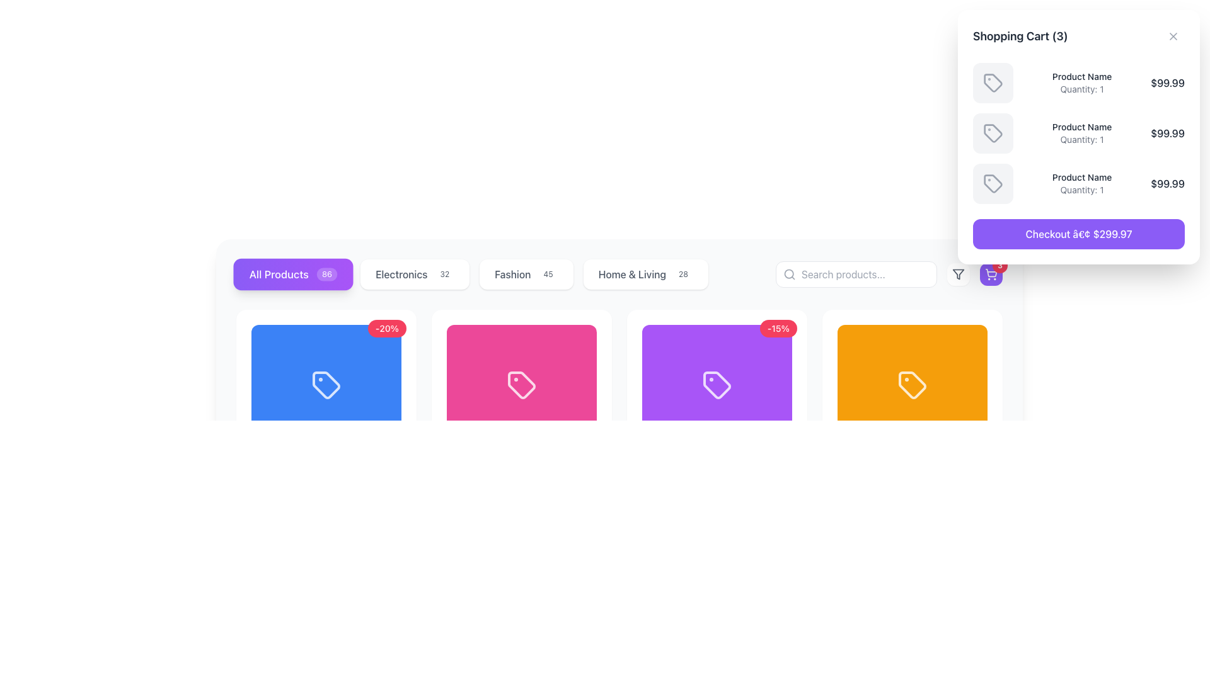 This screenshot has height=680, width=1210. I want to click on the close button icon located at the top-right corner of the shopping cart modal, so click(1173, 35).